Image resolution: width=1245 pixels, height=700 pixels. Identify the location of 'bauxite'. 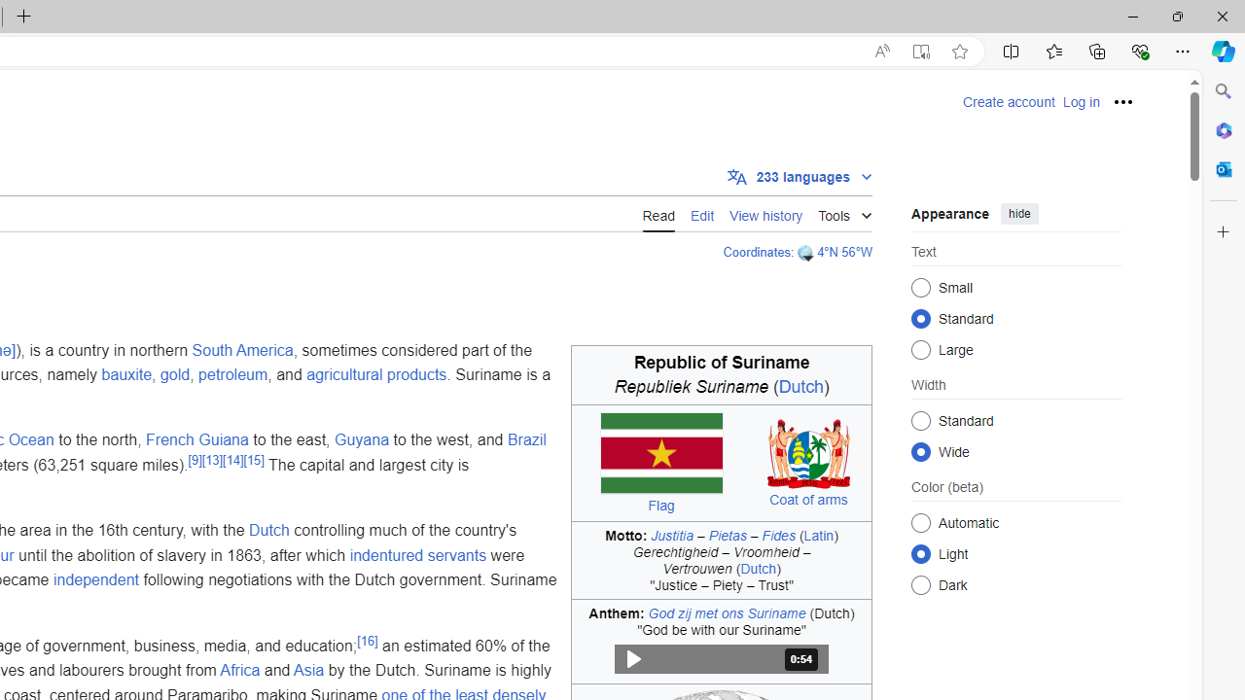
(125, 375).